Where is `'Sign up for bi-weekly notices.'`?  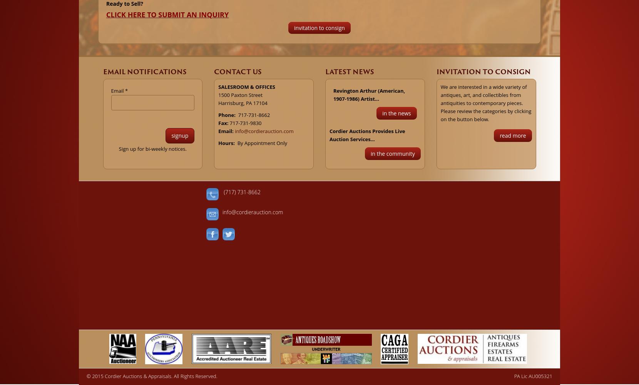 'Sign up for bi-weekly notices.' is located at coordinates (152, 148).